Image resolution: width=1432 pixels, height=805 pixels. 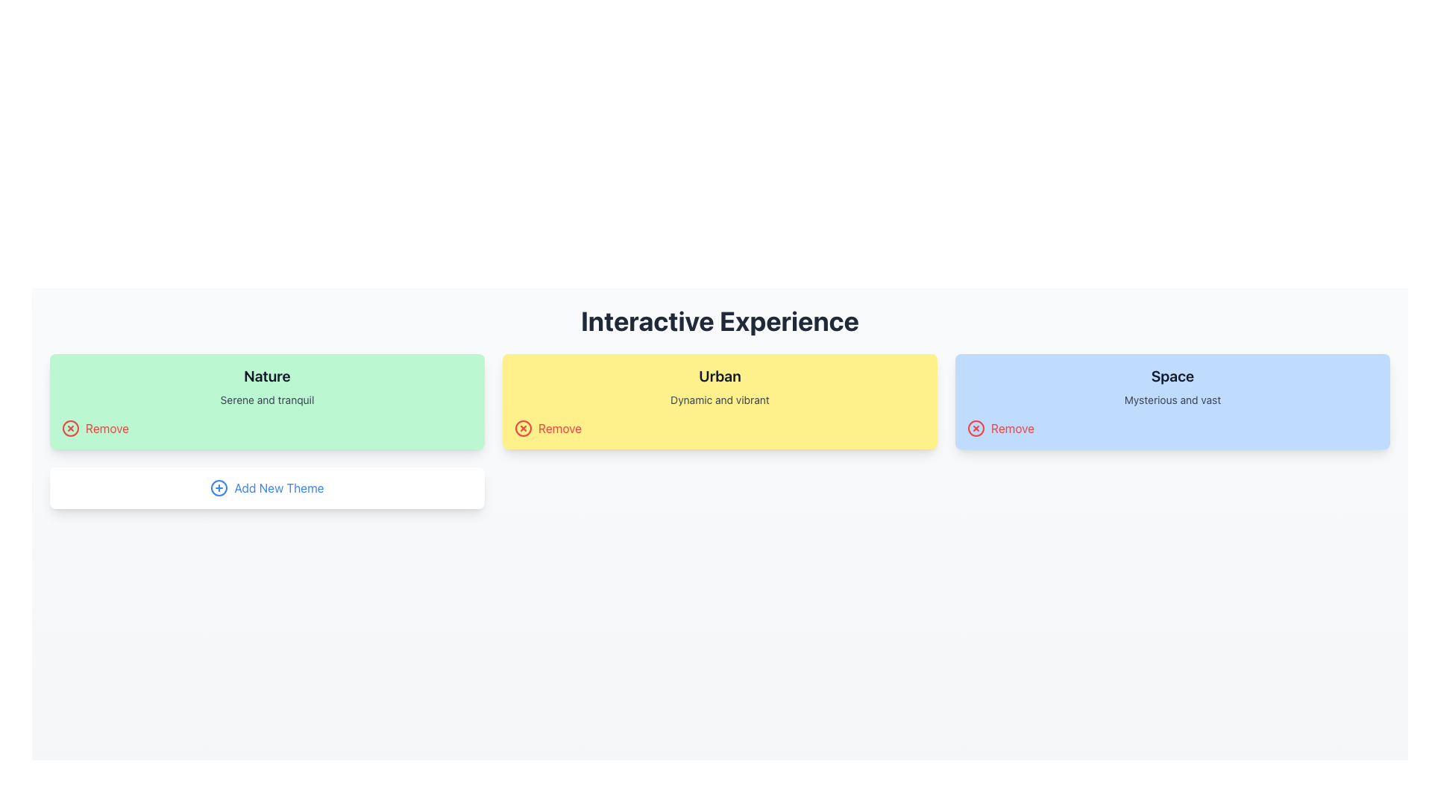 What do you see at coordinates (1172, 376) in the screenshot?
I see `the Text Label at the top center of the rightmost card in a three-card layout, which serves as the title or heading for its card` at bounding box center [1172, 376].